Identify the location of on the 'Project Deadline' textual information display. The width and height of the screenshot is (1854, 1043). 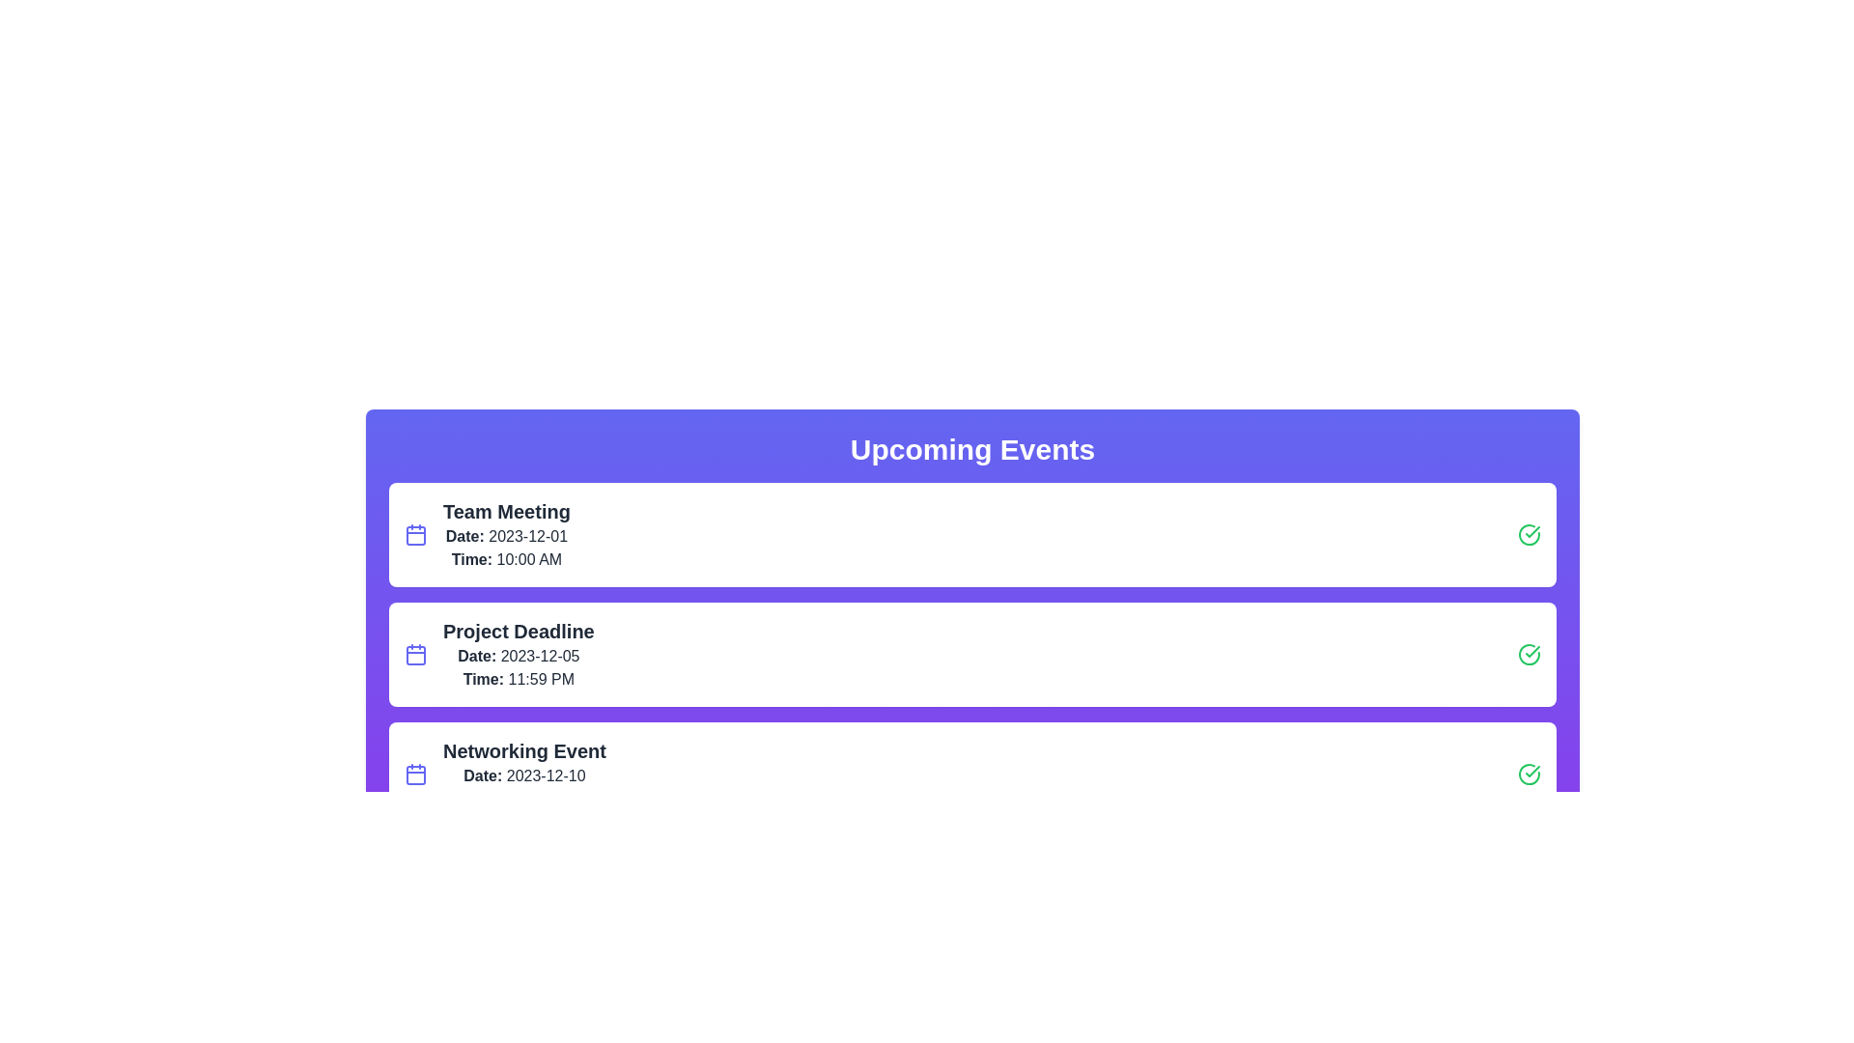
(519, 654).